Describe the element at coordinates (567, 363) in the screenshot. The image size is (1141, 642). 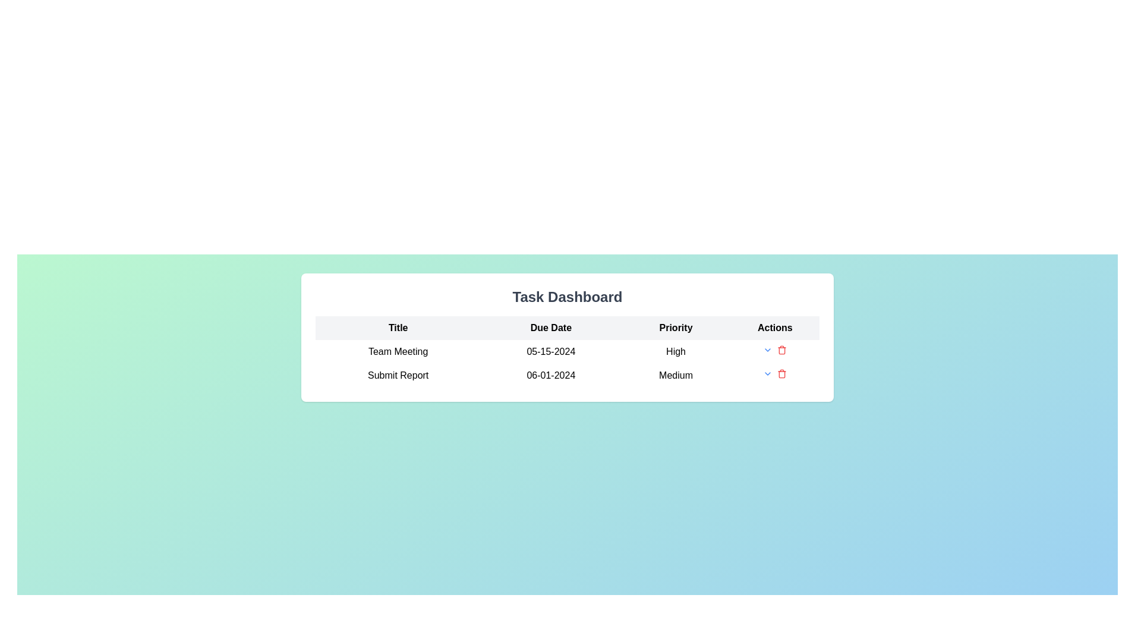
I see `the table row displaying task details under the 'Task Dashboard', which includes titles, due dates, and priority levels` at that location.